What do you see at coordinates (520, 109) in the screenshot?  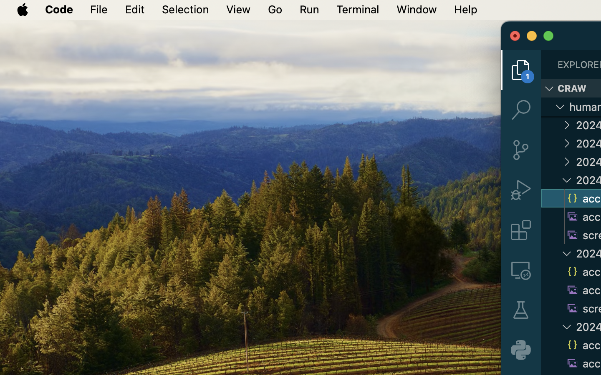 I see `'0 '` at bounding box center [520, 109].